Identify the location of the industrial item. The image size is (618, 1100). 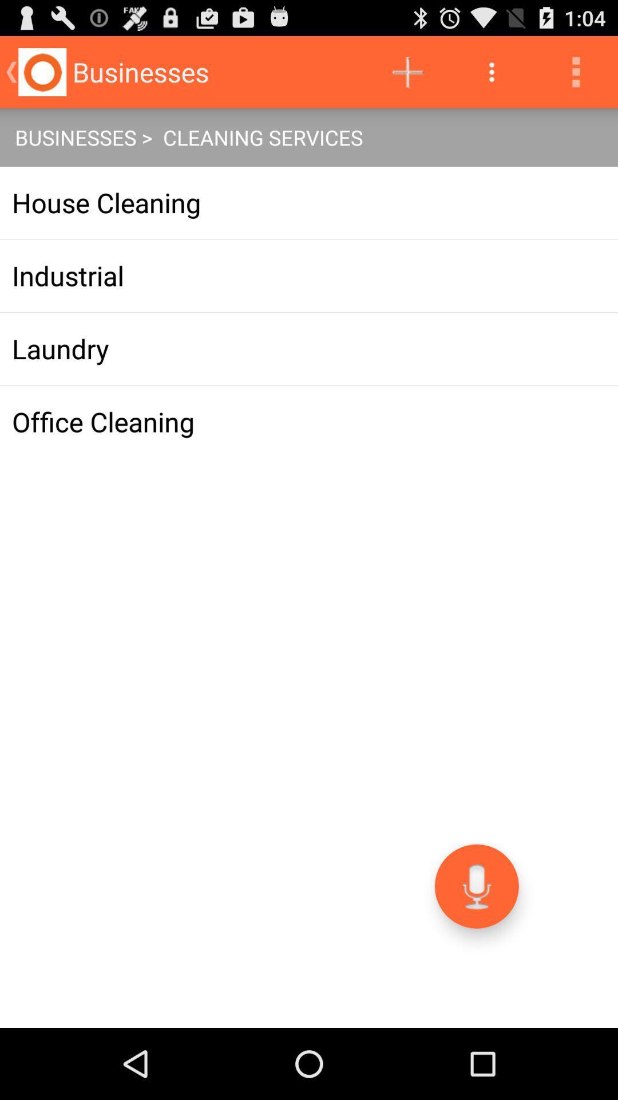
(309, 276).